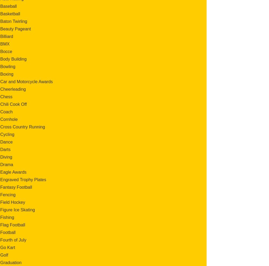 Image resolution: width=269 pixels, height=266 pixels. What do you see at coordinates (0, 29) in the screenshot?
I see `'Beauty Pageant'` at bounding box center [0, 29].